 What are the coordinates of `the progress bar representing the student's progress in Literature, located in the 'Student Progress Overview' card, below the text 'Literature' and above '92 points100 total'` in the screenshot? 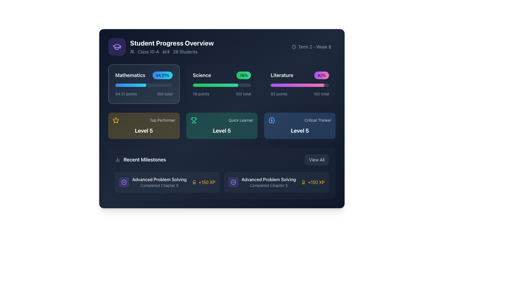 It's located at (299, 85).